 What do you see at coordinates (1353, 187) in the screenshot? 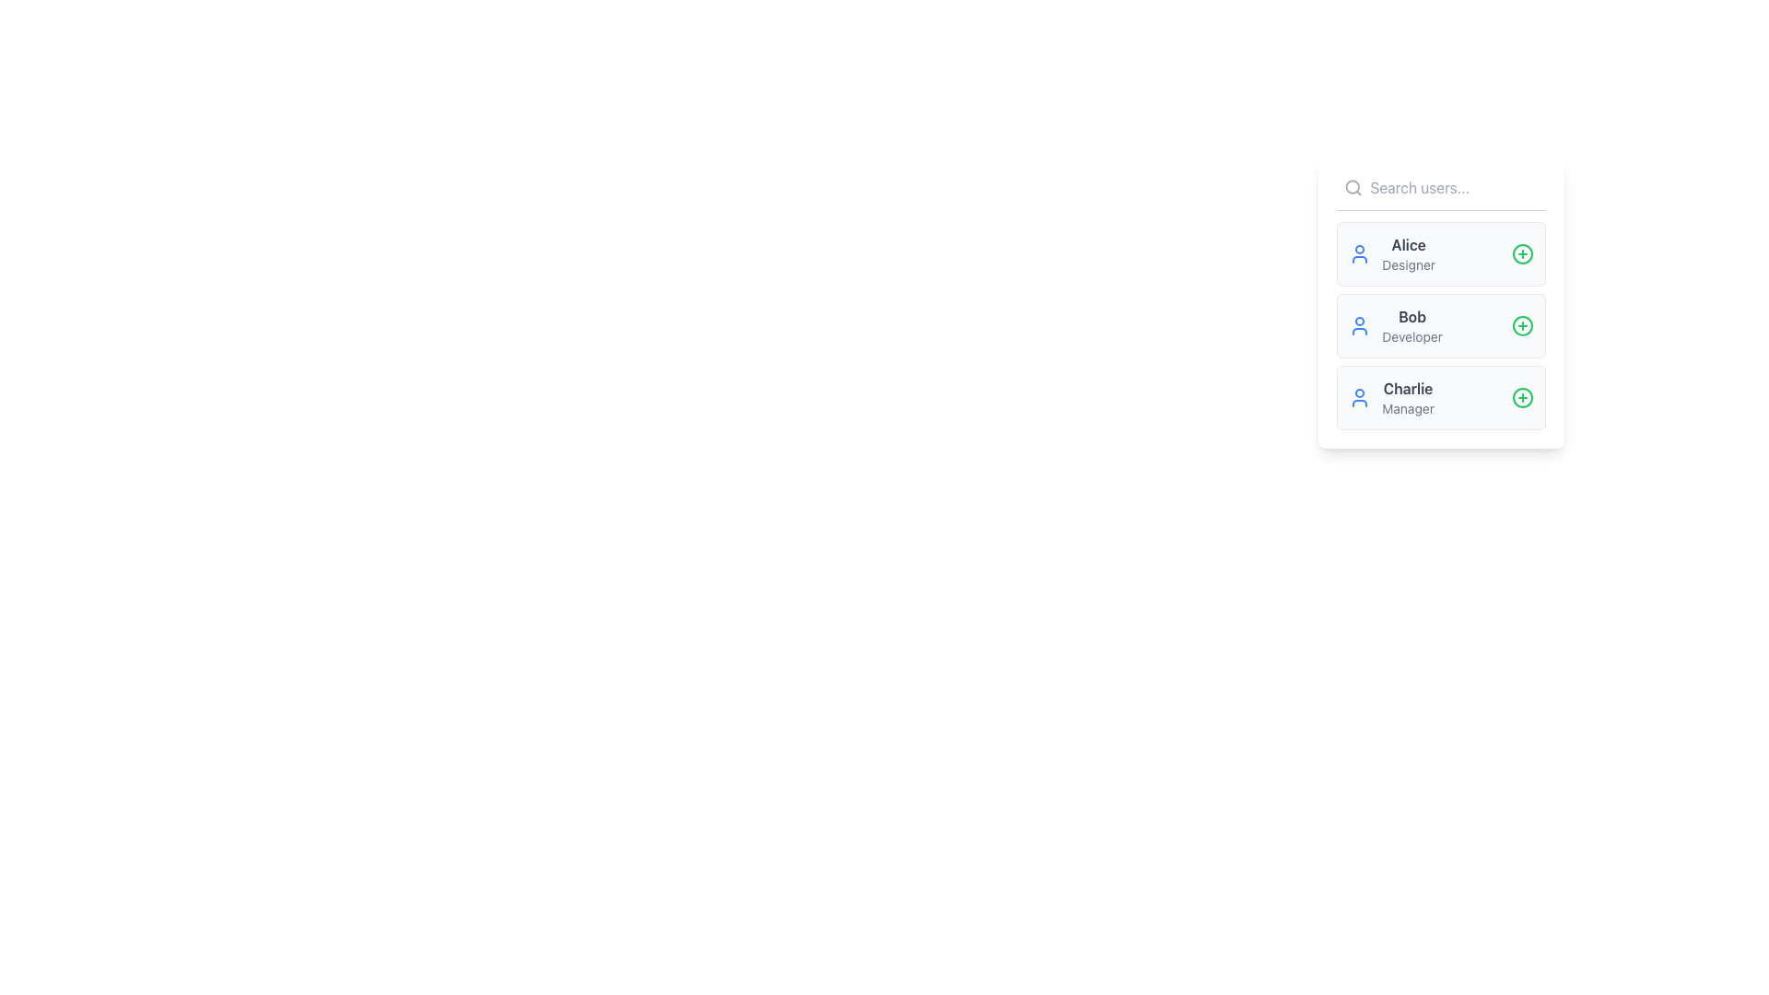
I see `the circular grey lens of the magnifying glass icon located in the search bar area next to the 'Search users...' placeholder text` at bounding box center [1353, 187].